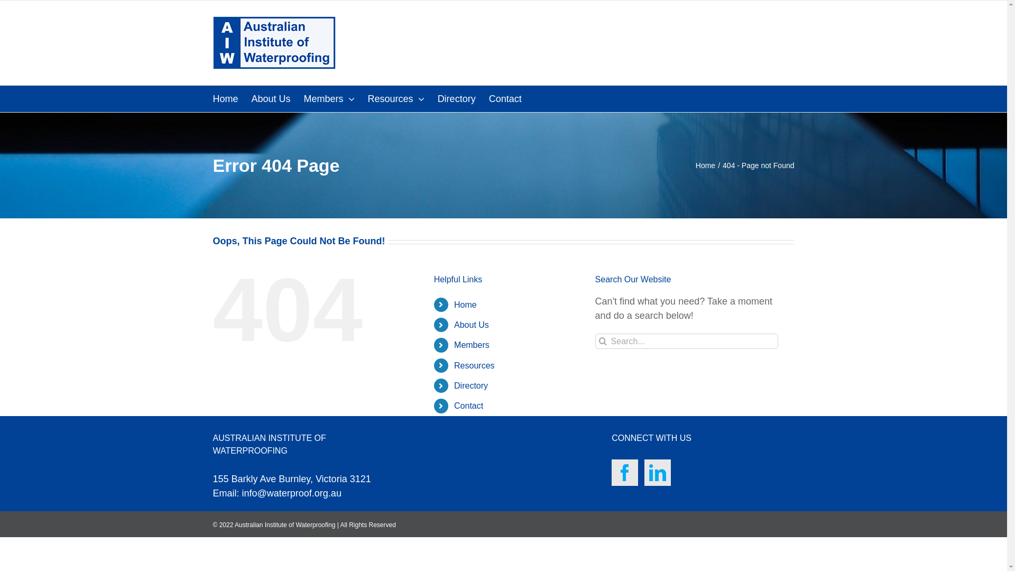 This screenshot has width=1015, height=571. Describe the element at coordinates (465, 305) in the screenshot. I see `'Home'` at that location.